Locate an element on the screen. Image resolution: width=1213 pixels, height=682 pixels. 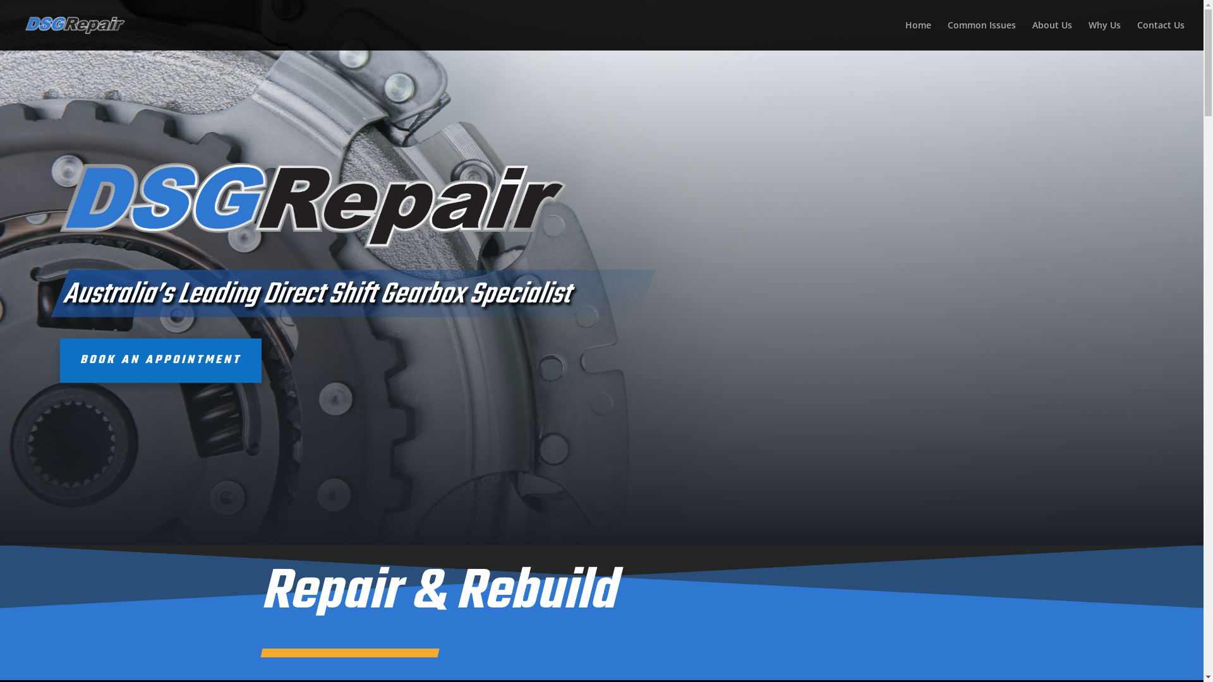
'Common Issues' is located at coordinates (981, 35).